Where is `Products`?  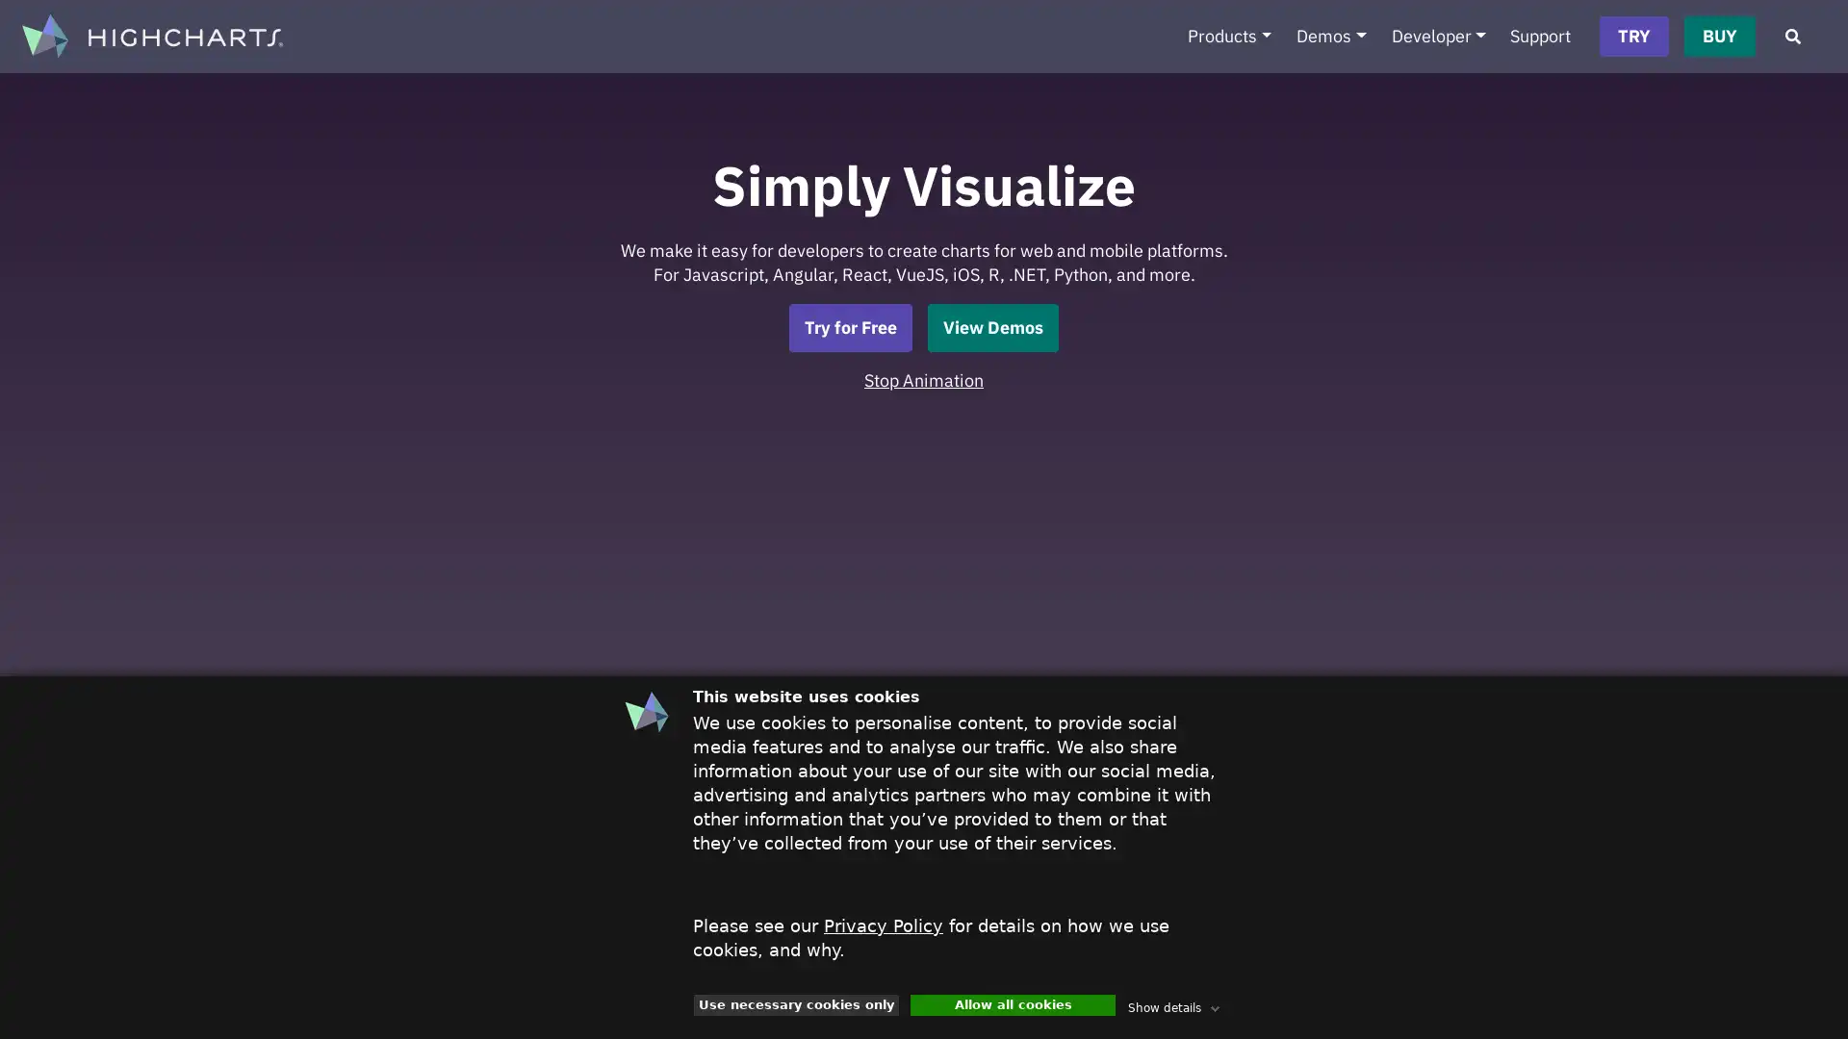 Products is located at coordinates (1227, 37).